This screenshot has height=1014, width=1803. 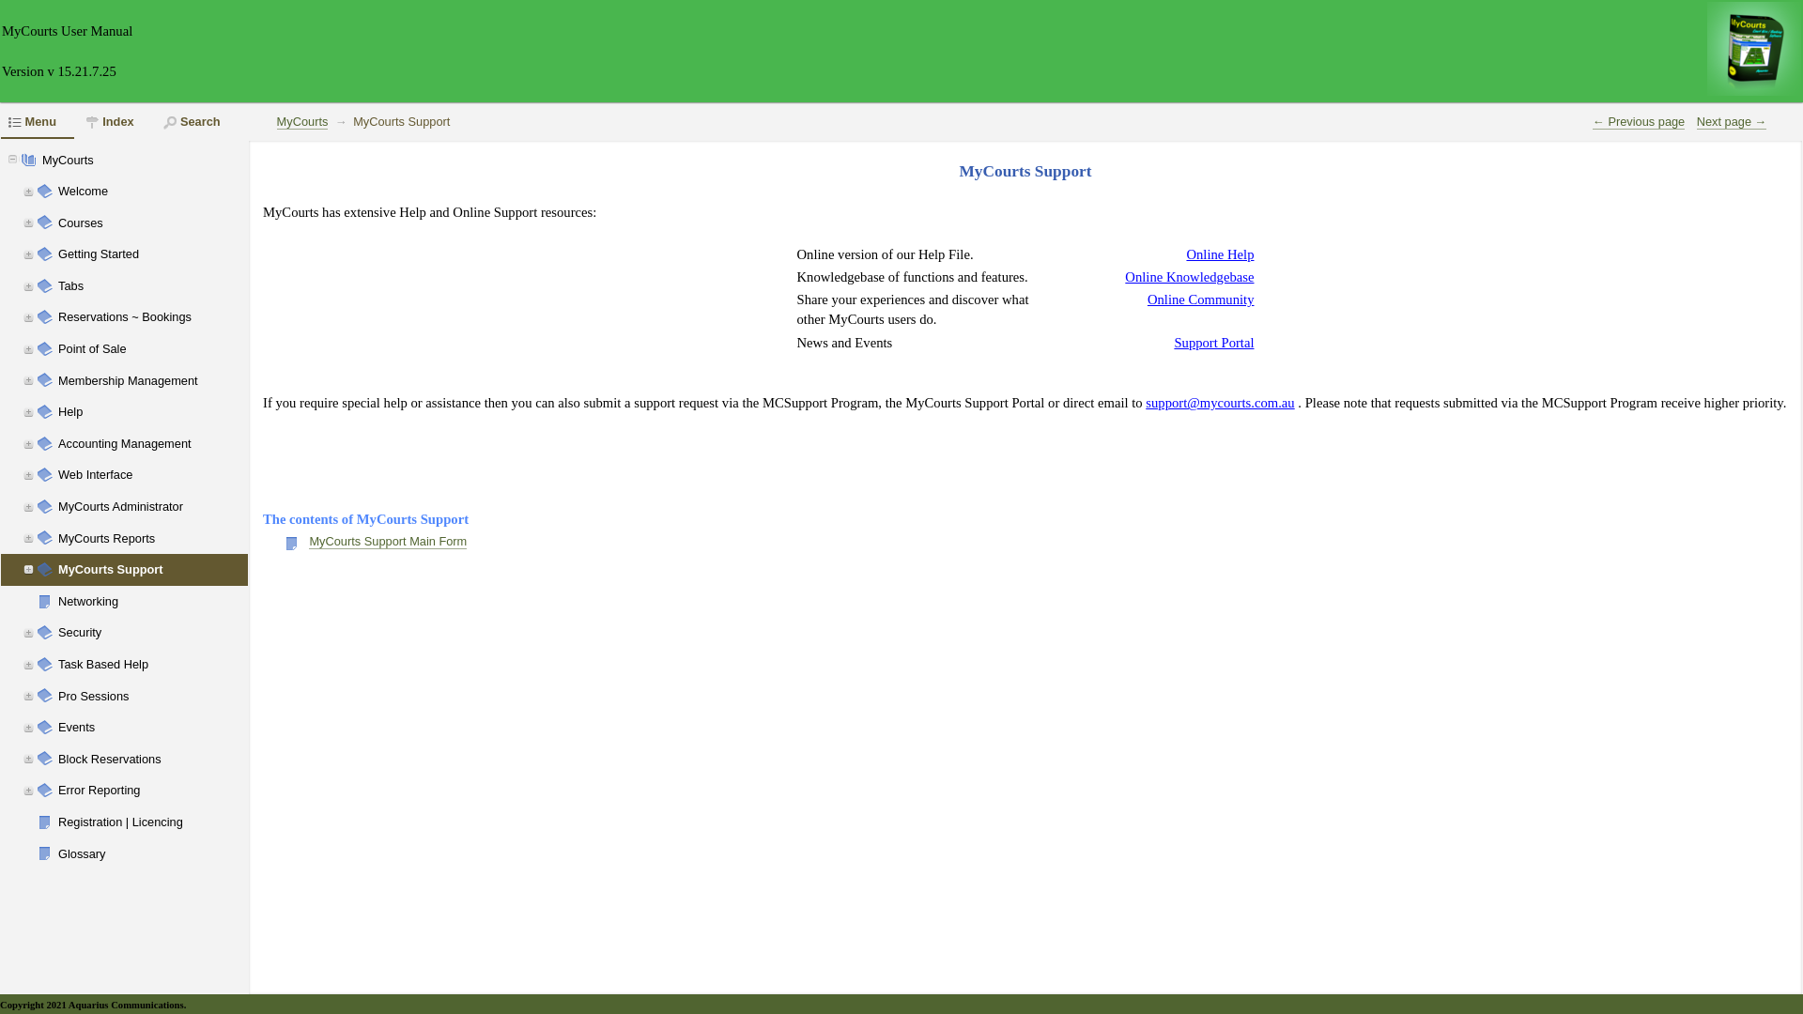 I want to click on 'Reservations ~ Bookings', so click(x=177, y=316).